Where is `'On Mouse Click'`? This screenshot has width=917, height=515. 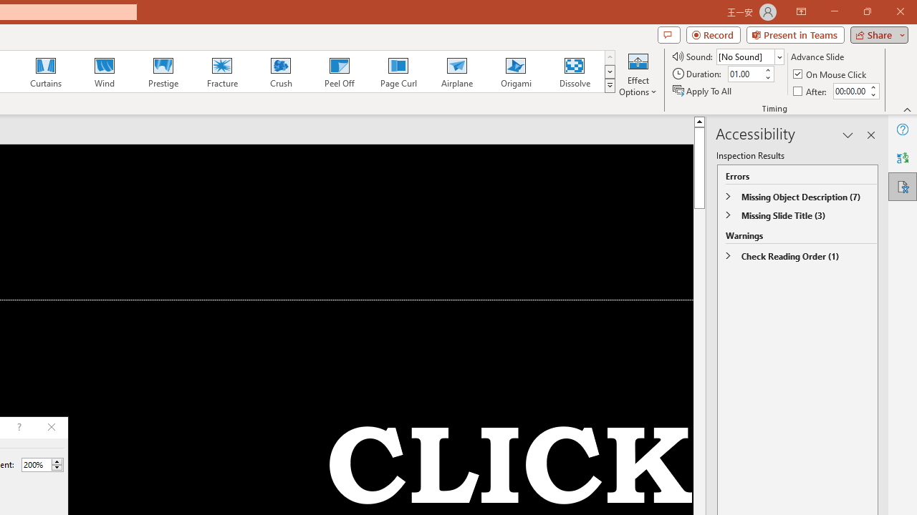
'On Mouse Click' is located at coordinates (830, 74).